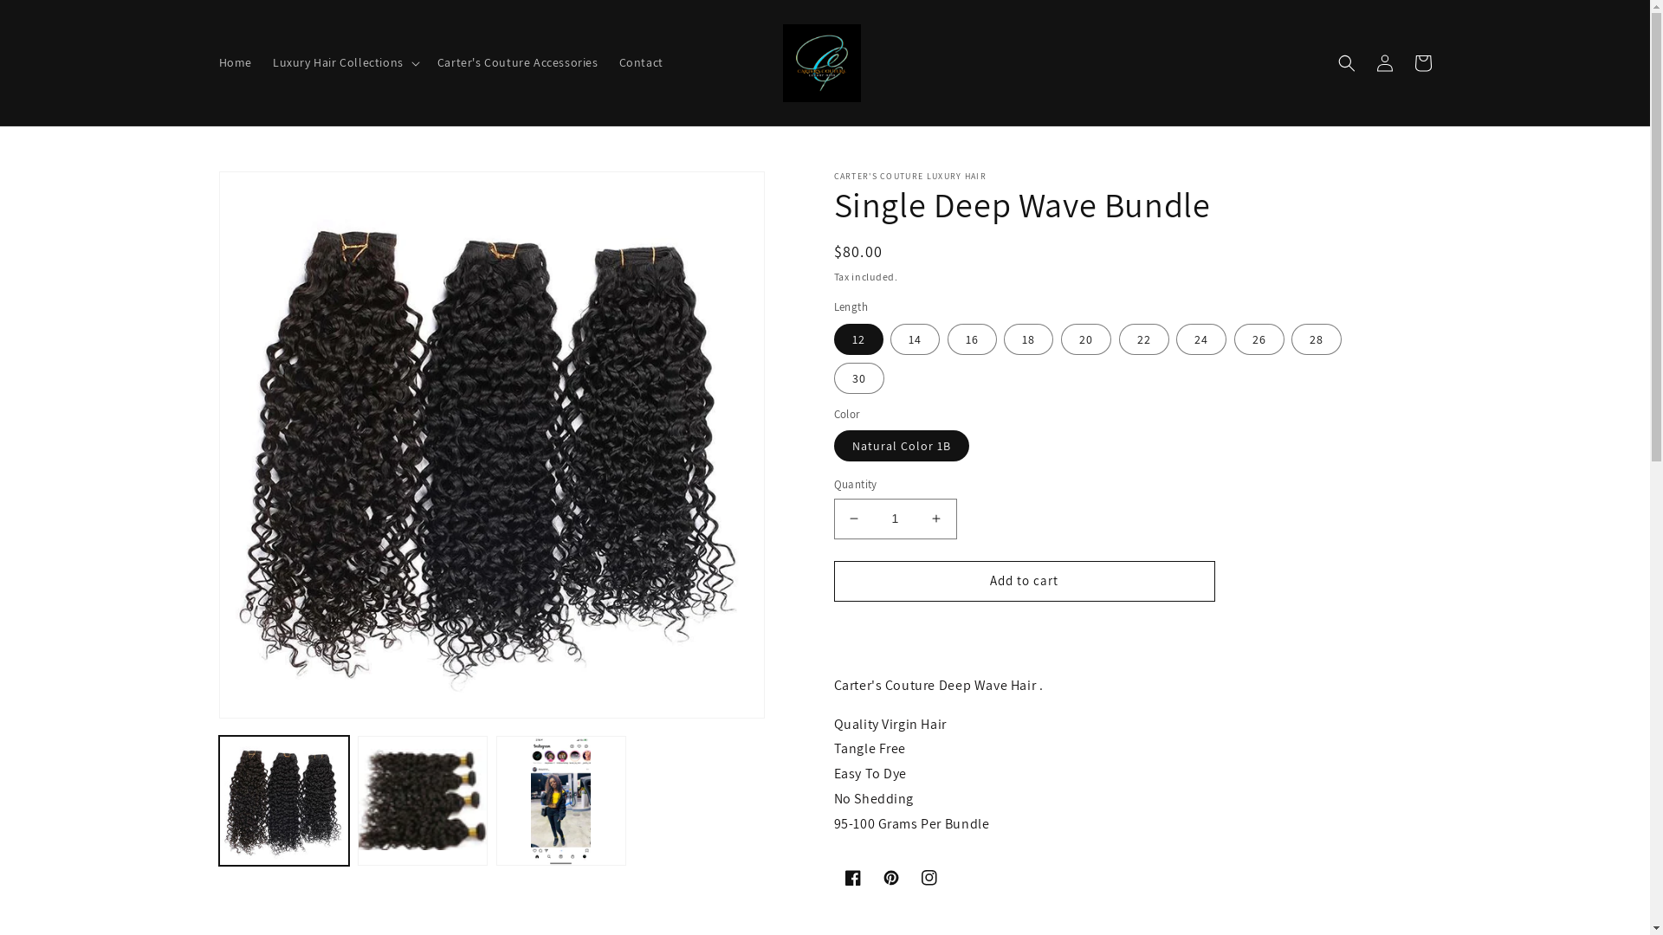 This screenshot has height=935, width=1663. Describe the element at coordinates (935, 518) in the screenshot. I see `'Increase quantity for Single Deep Wave Bundle'` at that location.